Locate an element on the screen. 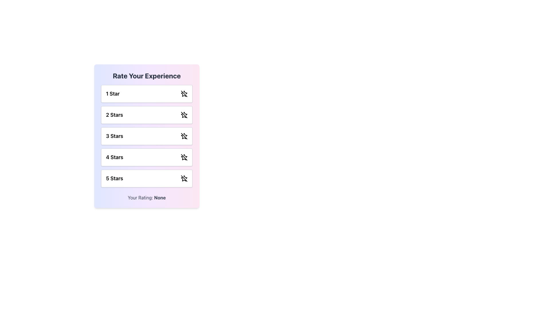 This screenshot has height=309, width=550. the 5-star rating button located at the bottom of the star rating list for keyboard interaction is located at coordinates (147, 178).